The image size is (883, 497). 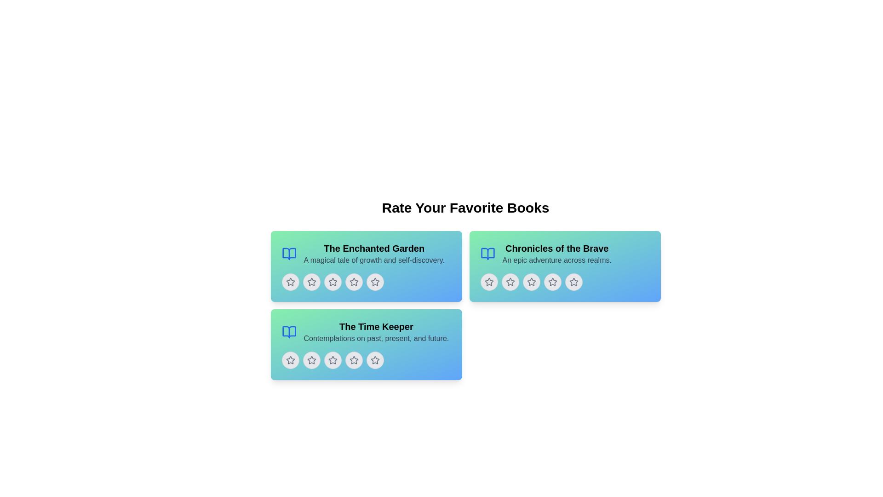 What do you see at coordinates (375, 359) in the screenshot?
I see `the fifth star in the five-star rating system to rate 'The Time Keeper' with five stars` at bounding box center [375, 359].